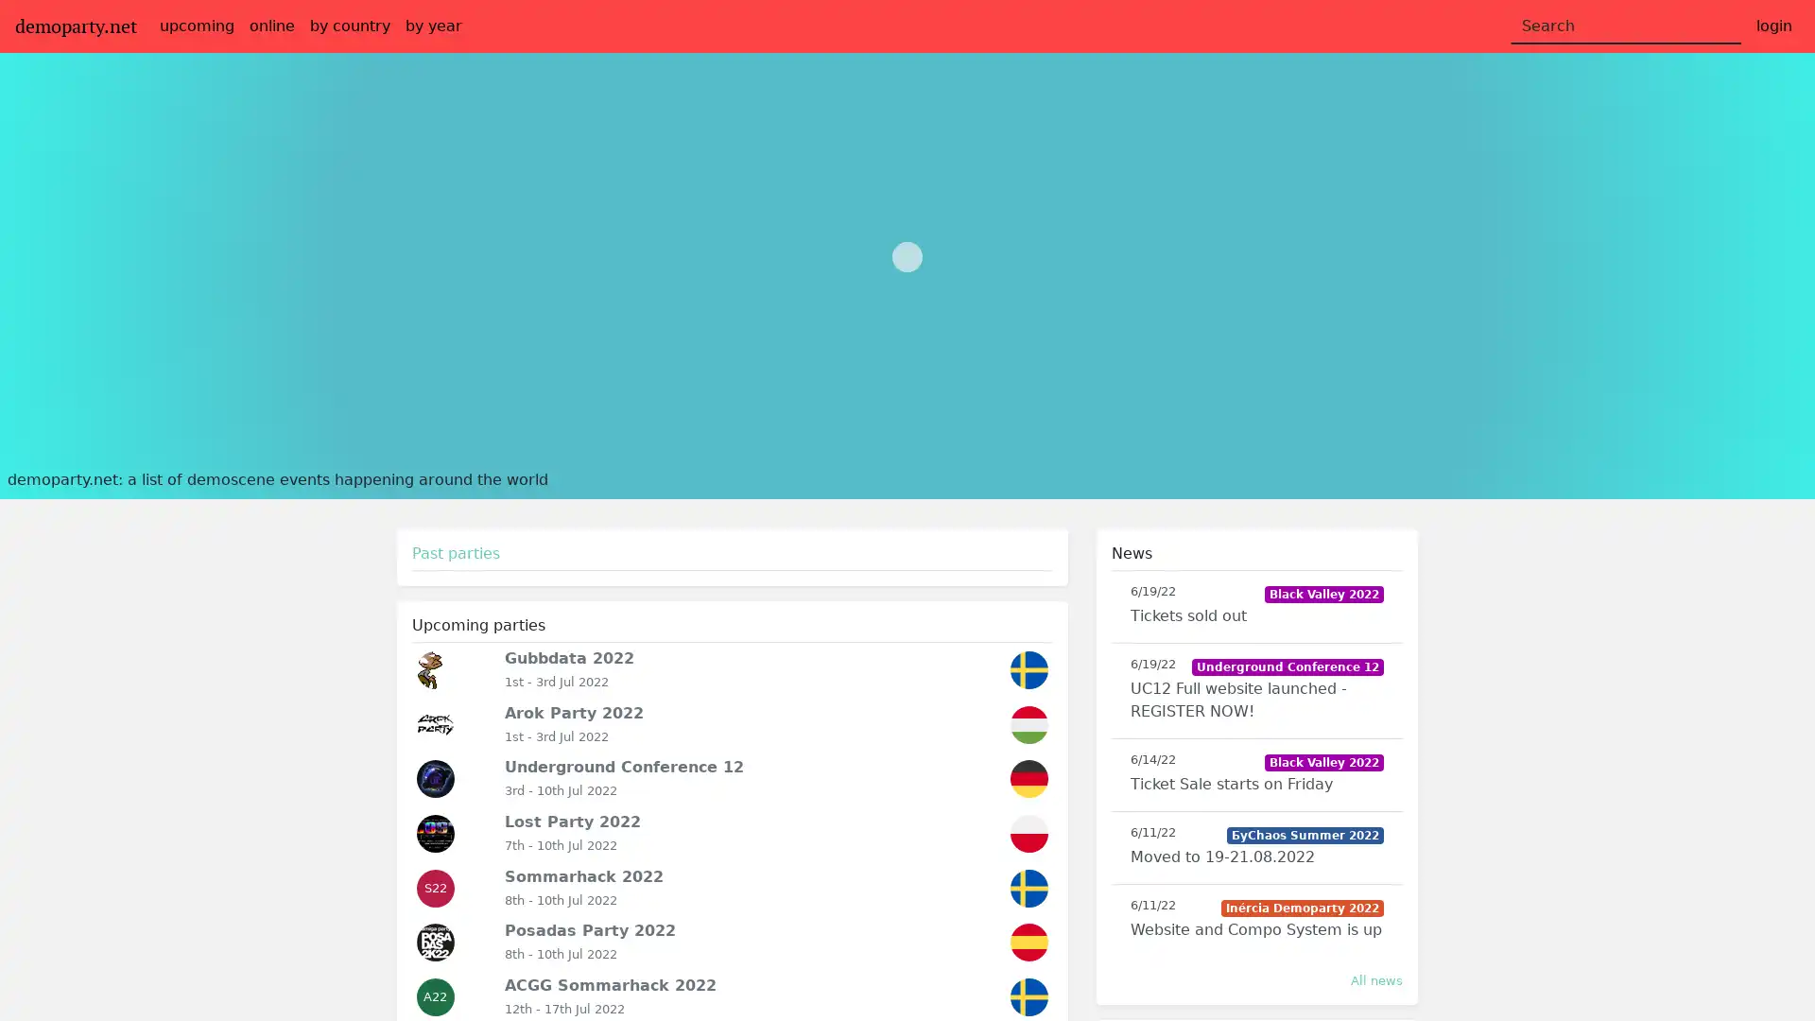 Image resolution: width=1815 pixels, height=1021 pixels. What do you see at coordinates (1619, 455) in the screenshot?
I see `Keyboard shortcuts` at bounding box center [1619, 455].